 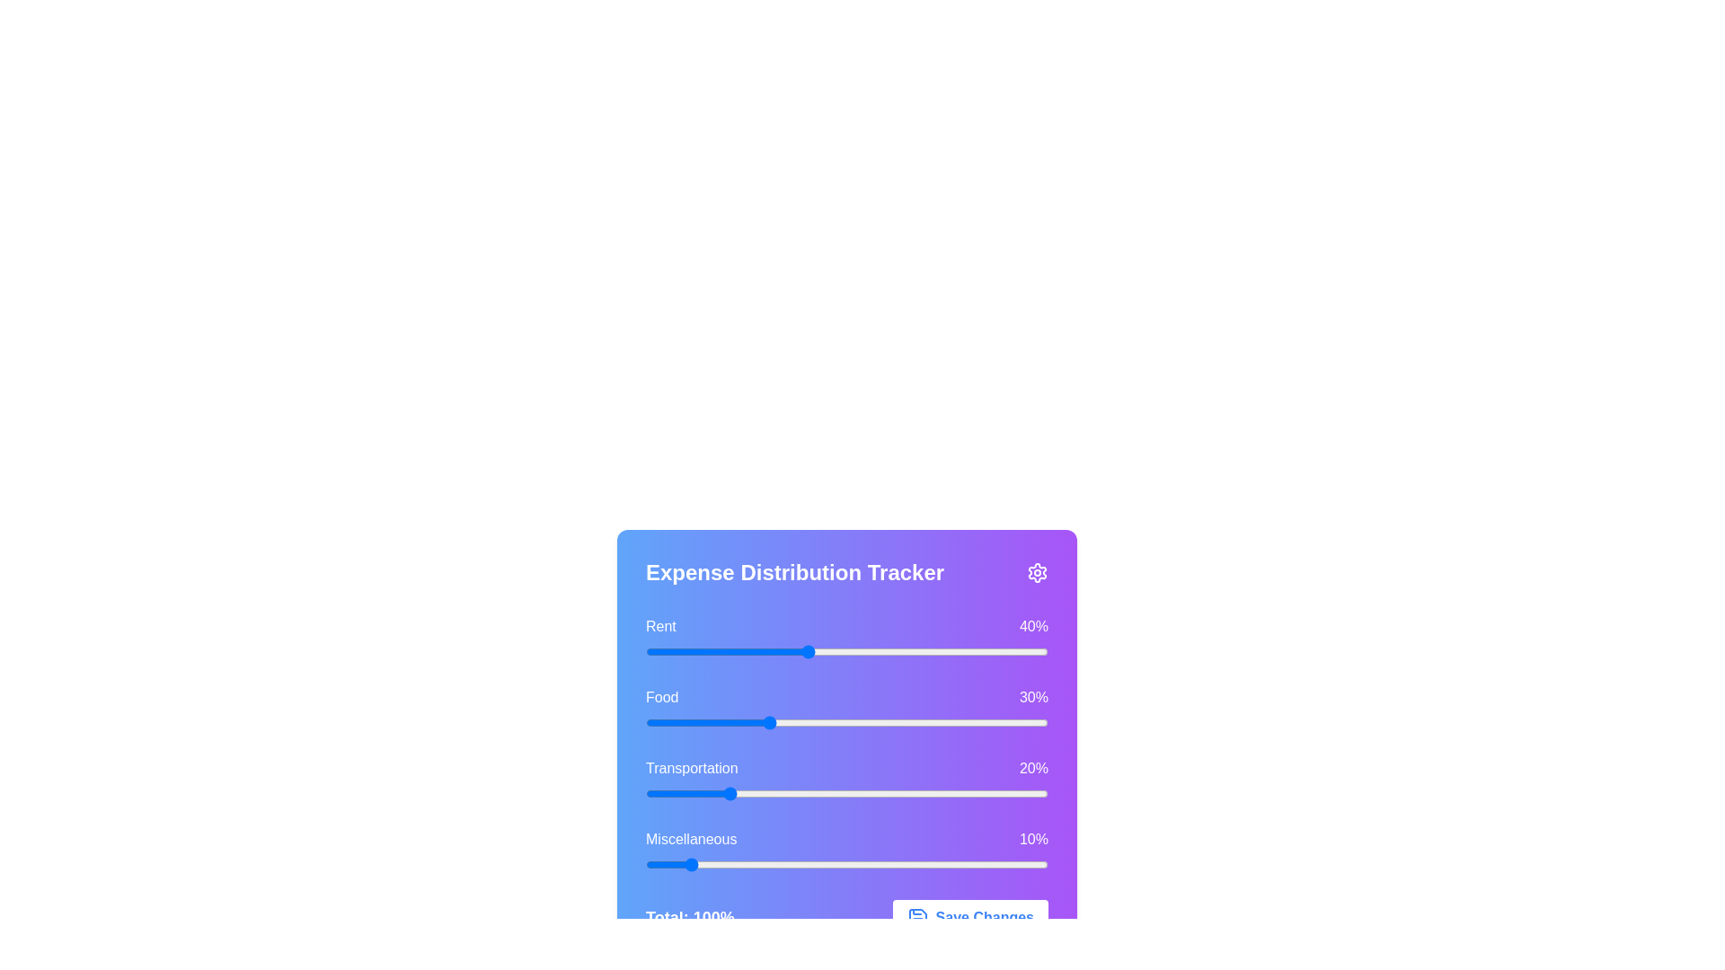 What do you see at coordinates (954, 651) in the screenshot?
I see `the Rent percentage` at bounding box center [954, 651].